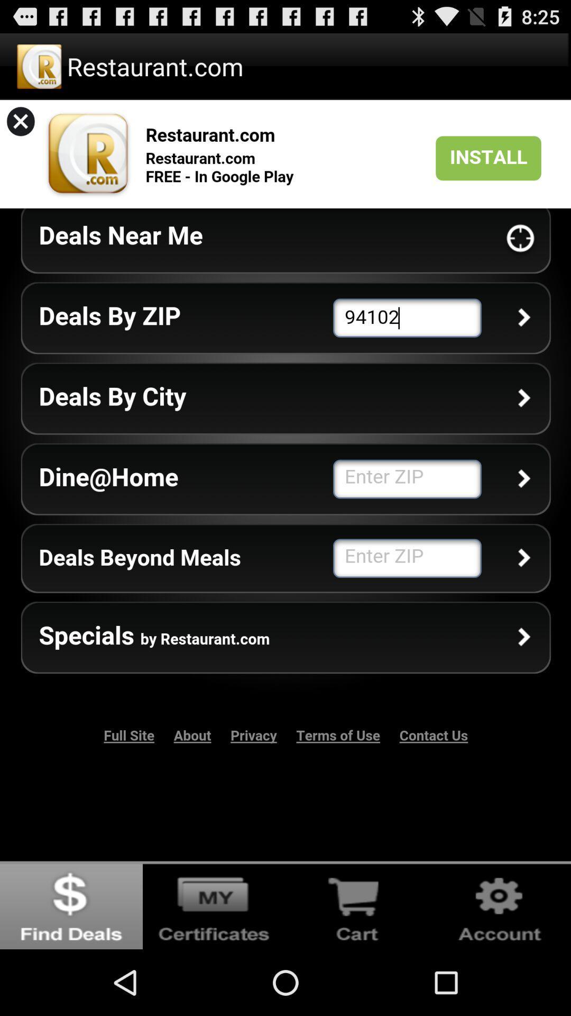 This screenshot has height=1016, width=571. I want to click on seetings icon, so click(500, 904).